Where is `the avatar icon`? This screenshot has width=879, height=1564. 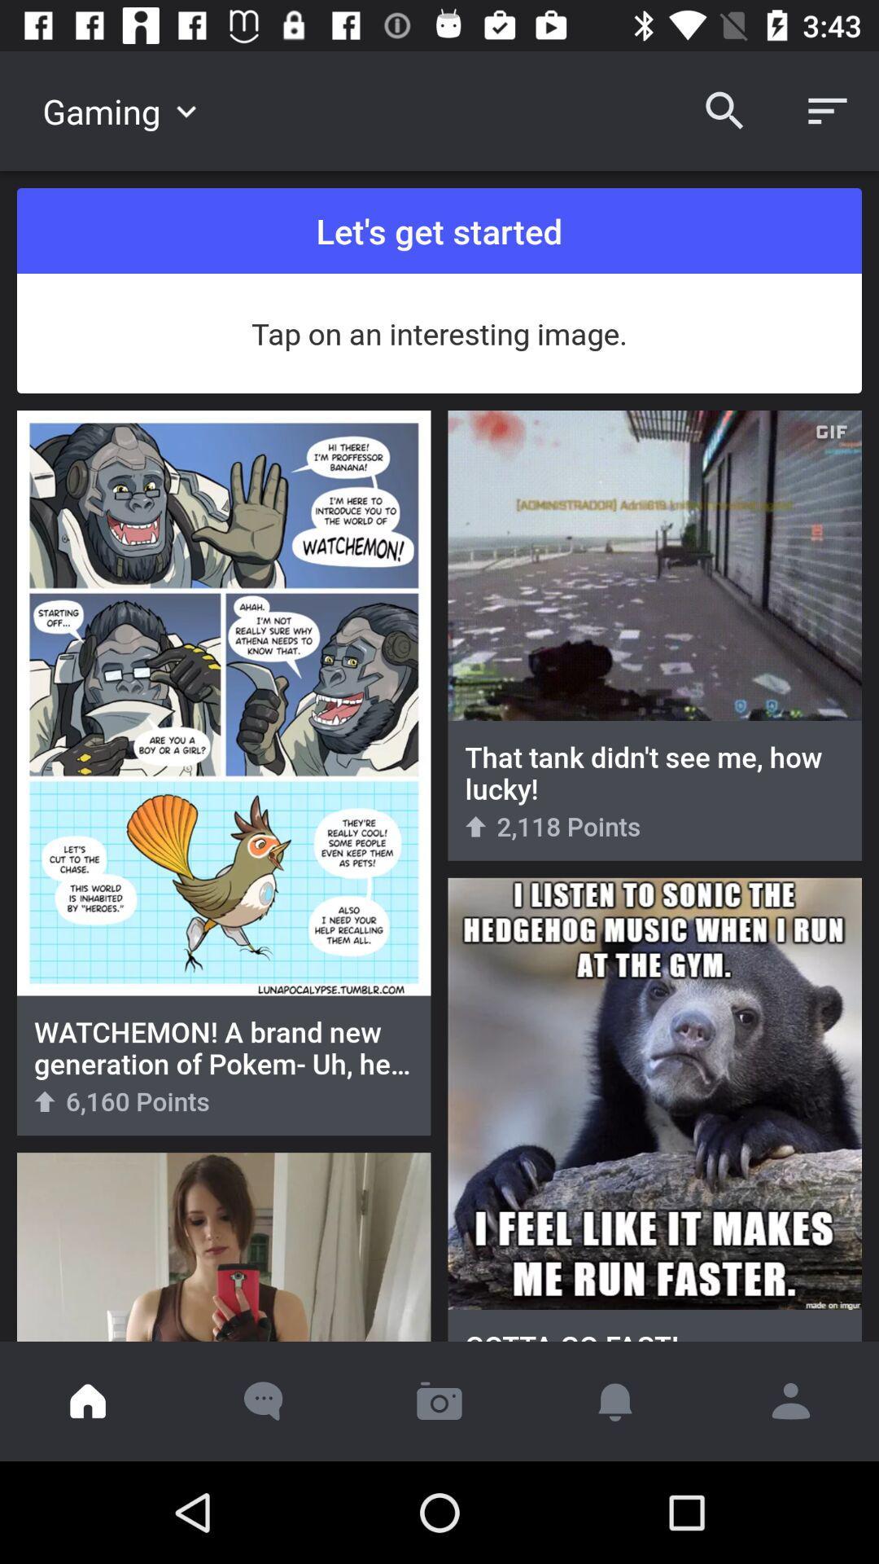 the avatar icon is located at coordinates (790, 1400).